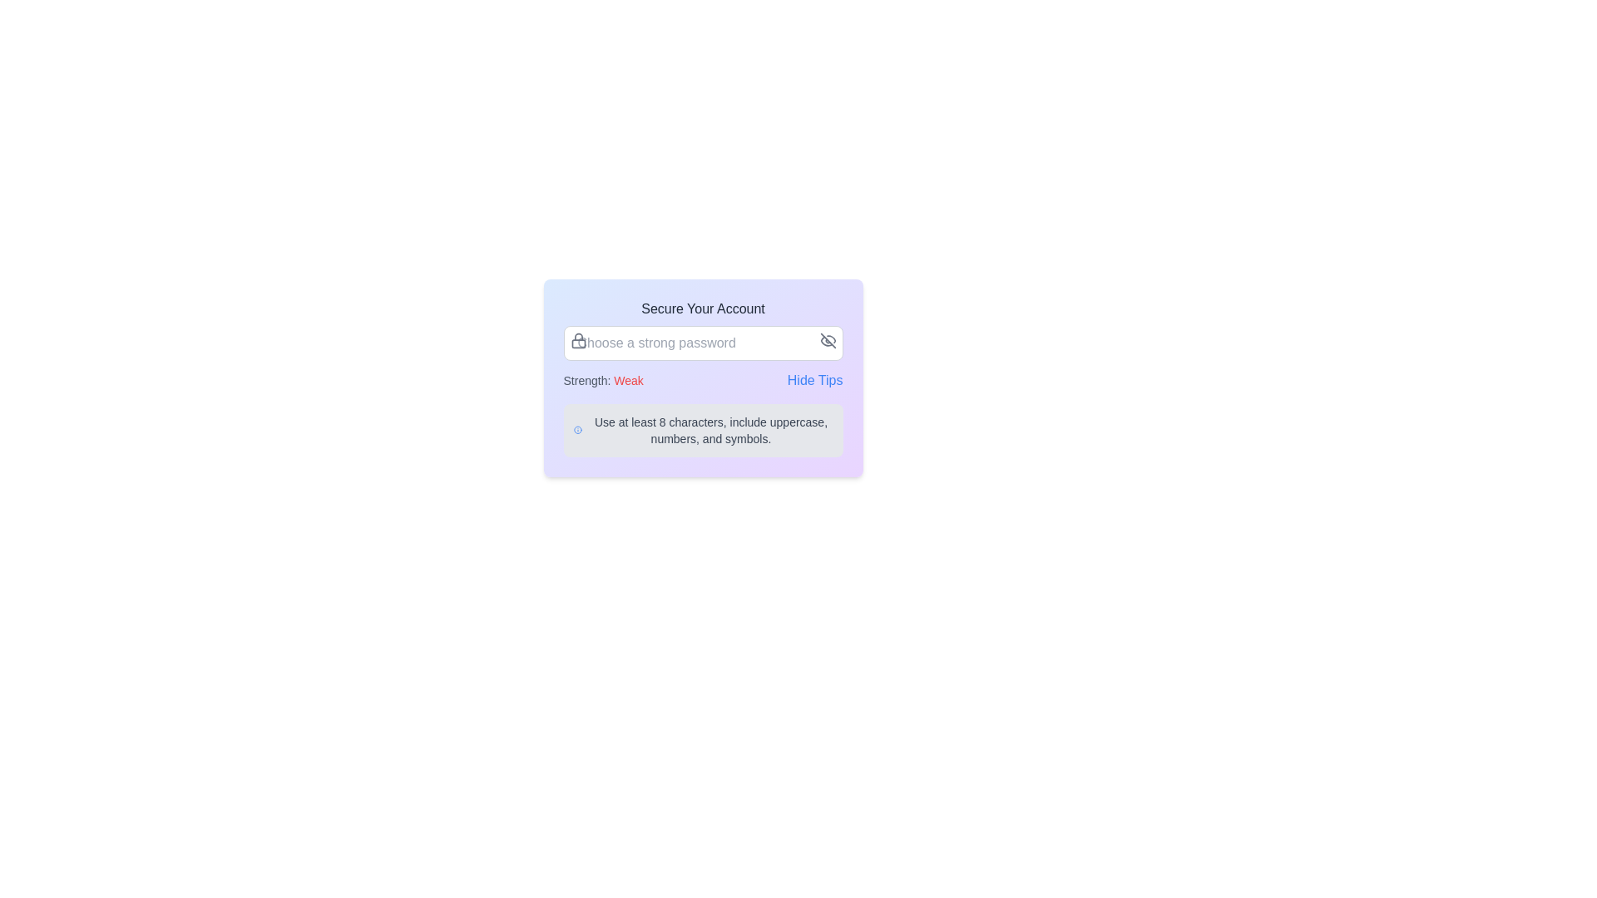 This screenshot has width=1597, height=898. What do you see at coordinates (703, 429) in the screenshot?
I see `guidelines from the informational text area with the icon, which states 'Use at least 8 characters, include uppercase, numbers, and symbols.'` at bounding box center [703, 429].